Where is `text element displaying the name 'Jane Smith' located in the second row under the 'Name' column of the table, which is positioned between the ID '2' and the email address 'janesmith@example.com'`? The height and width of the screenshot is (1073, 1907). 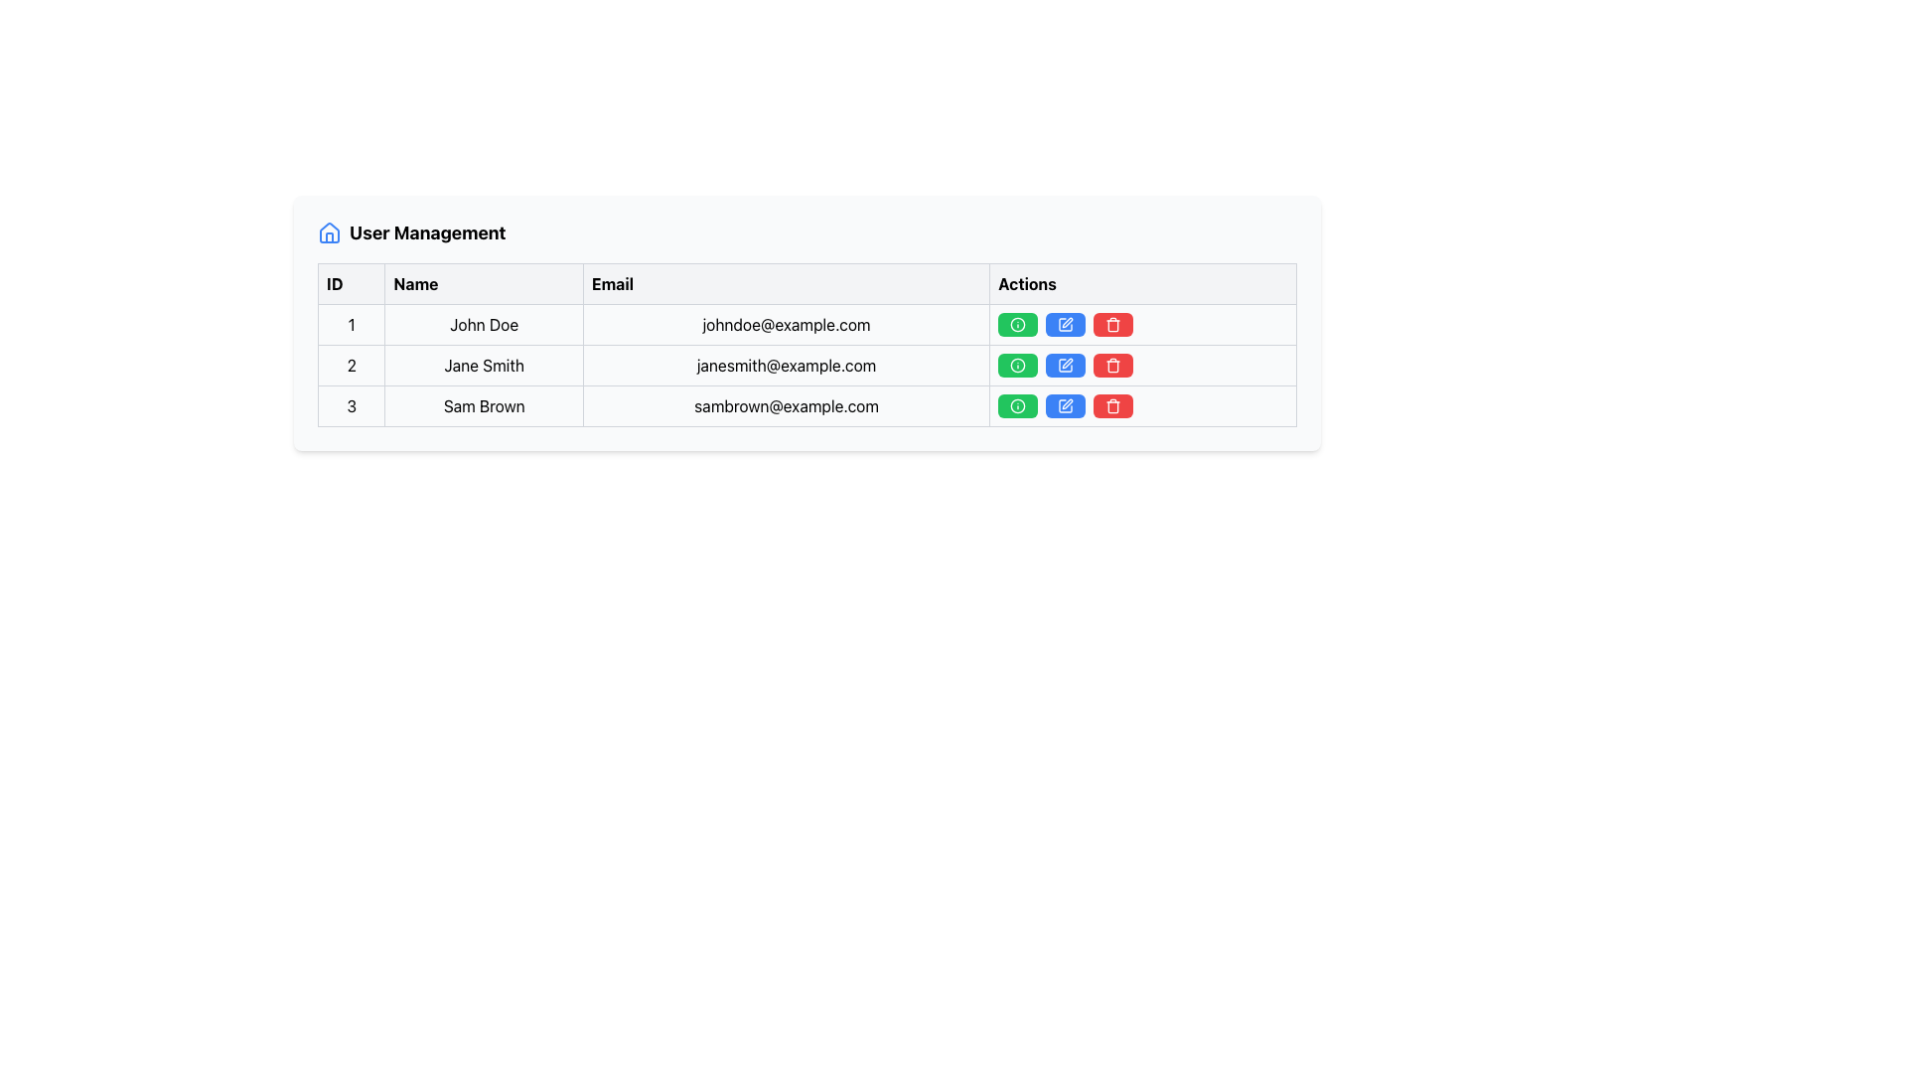 text element displaying the name 'Jane Smith' located in the second row under the 'Name' column of the table, which is positioned between the ID '2' and the email address 'janesmith@example.com' is located at coordinates (484, 365).